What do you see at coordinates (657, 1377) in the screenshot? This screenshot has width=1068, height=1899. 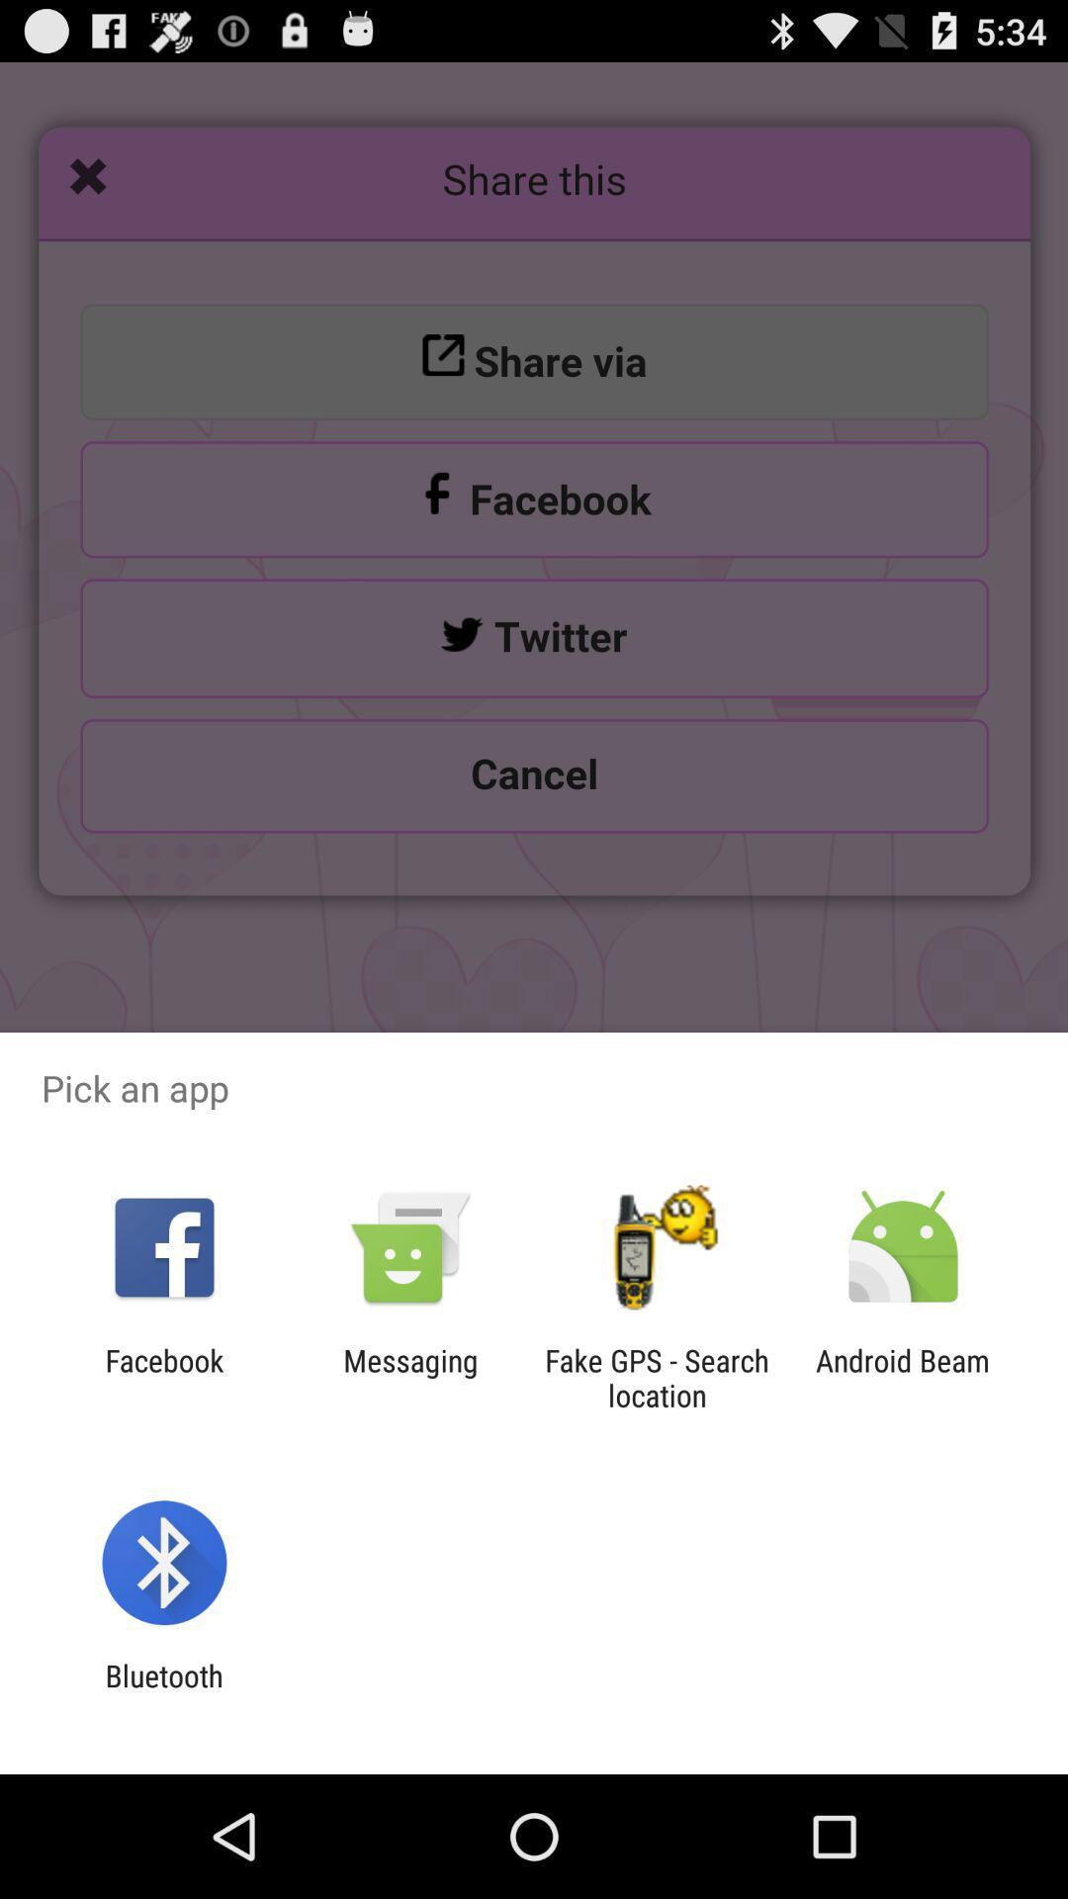 I see `the icon to the right of messaging item` at bounding box center [657, 1377].